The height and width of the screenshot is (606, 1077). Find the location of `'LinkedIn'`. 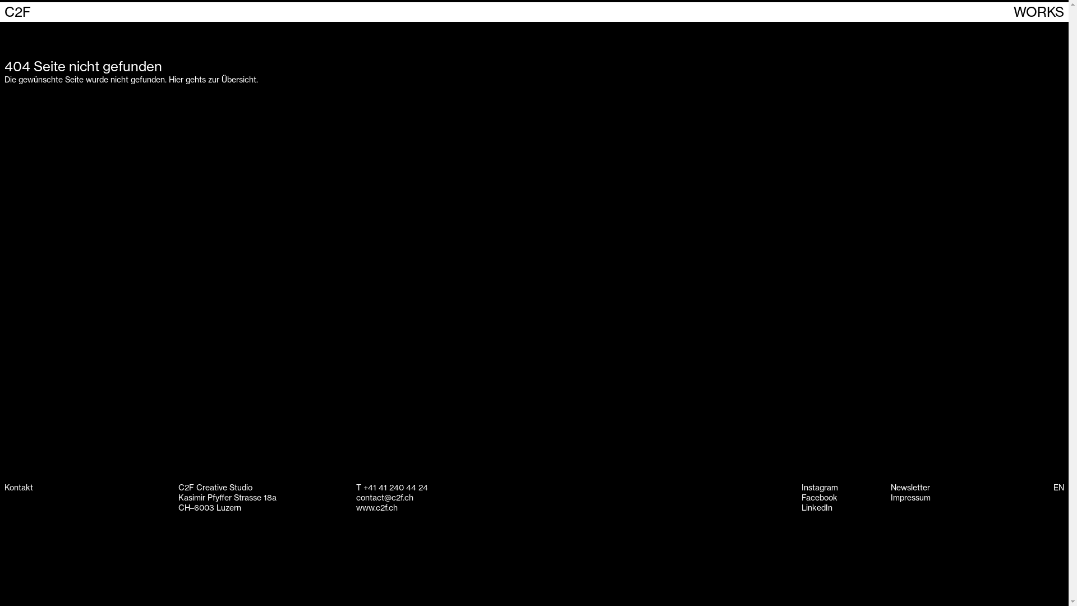

'LinkedIn' is located at coordinates (817, 508).